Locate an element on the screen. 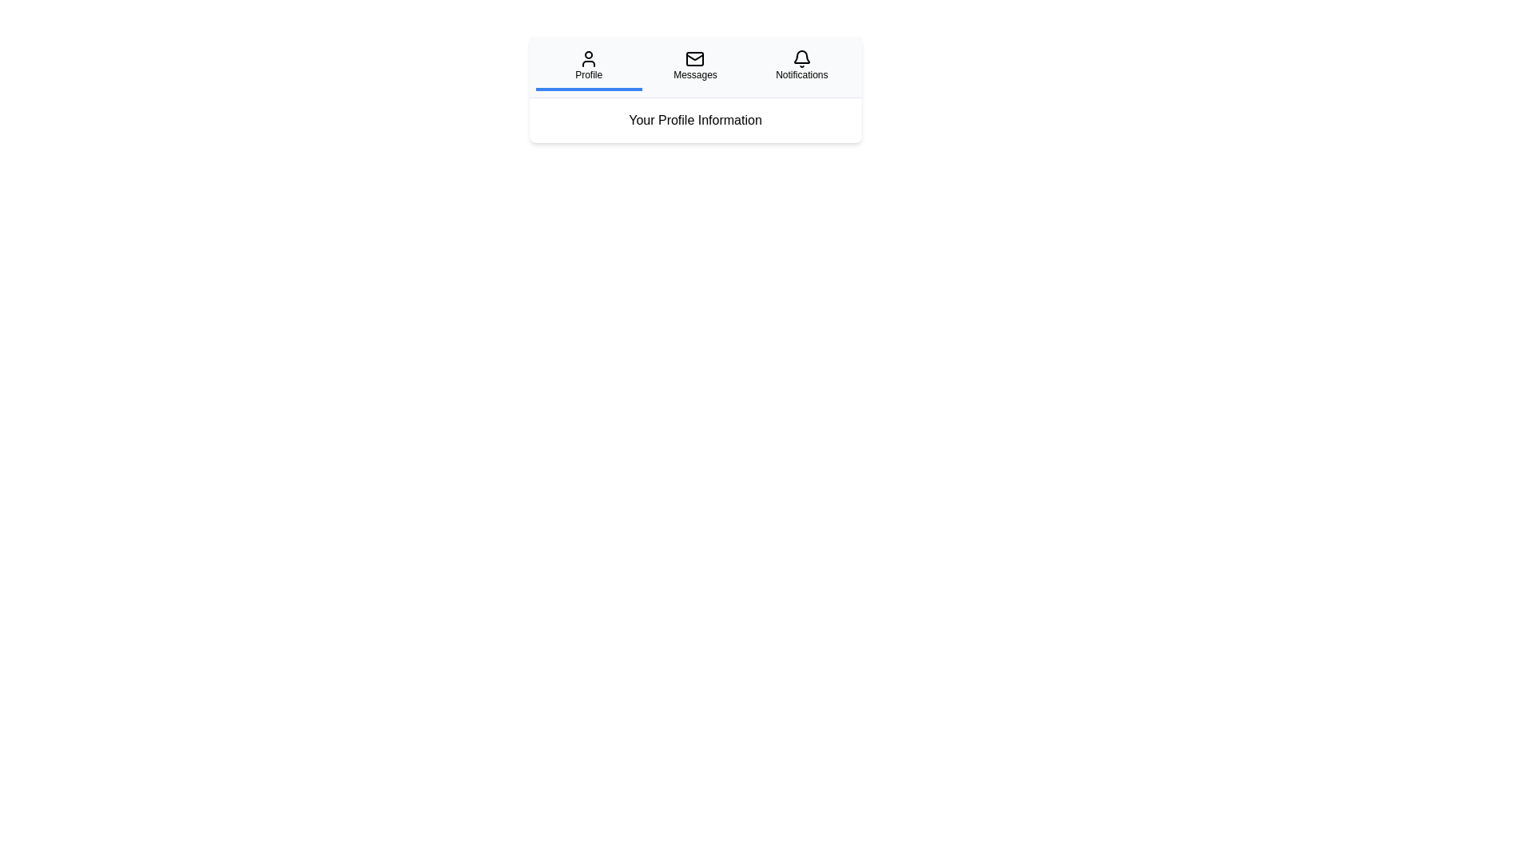 Image resolution: width=1534 pixels, height=863 pixels. the central tab 'Messages' in the Tab Navigation Bar is located at coordinates (695, 66).